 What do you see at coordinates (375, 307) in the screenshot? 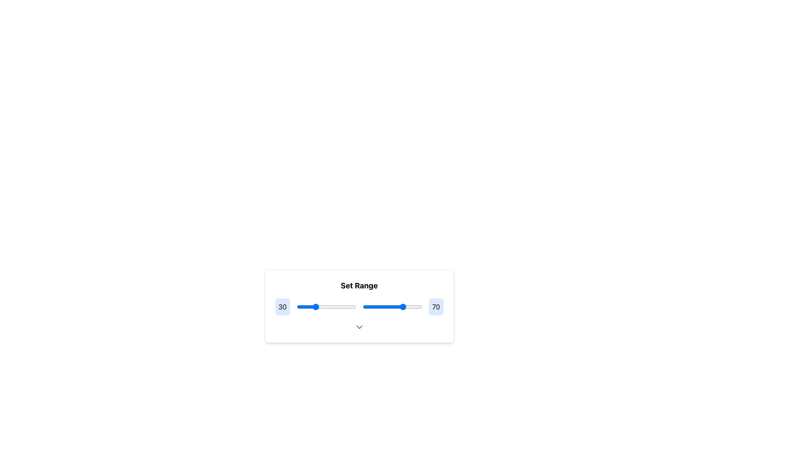
I see `the slider value` at bounding box center [375, 307].